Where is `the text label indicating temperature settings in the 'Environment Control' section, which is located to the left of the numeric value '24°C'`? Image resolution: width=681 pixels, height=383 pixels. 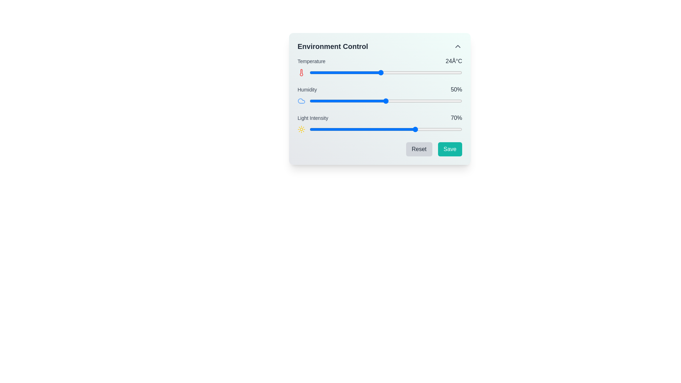
the text label indicating temperature settings in the 'Environment Control' section, which is located to the left of the numeric value '24°C' is located at coordinates (311, 61).